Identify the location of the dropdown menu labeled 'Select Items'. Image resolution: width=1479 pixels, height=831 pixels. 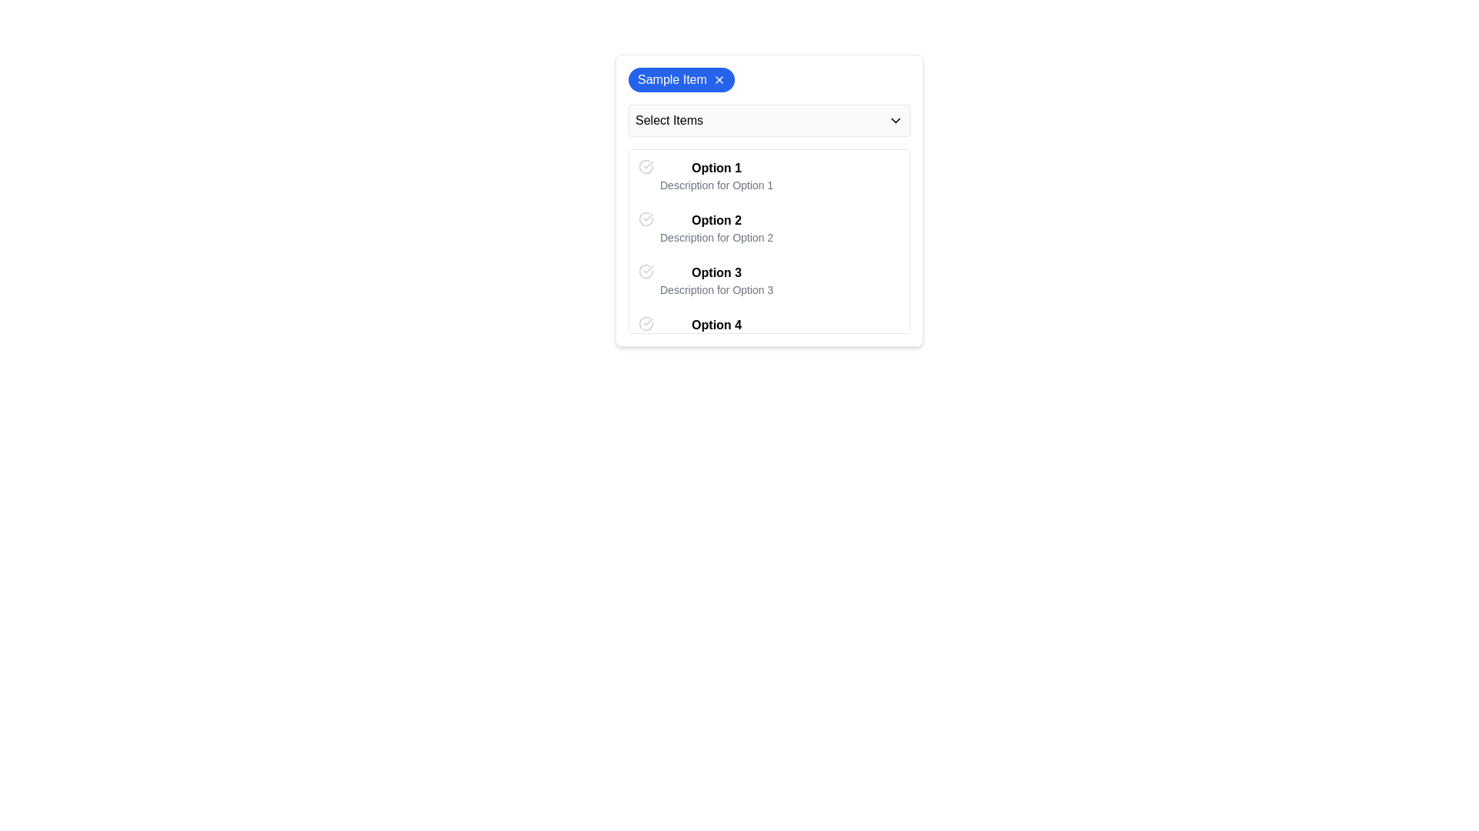
(769, 120).